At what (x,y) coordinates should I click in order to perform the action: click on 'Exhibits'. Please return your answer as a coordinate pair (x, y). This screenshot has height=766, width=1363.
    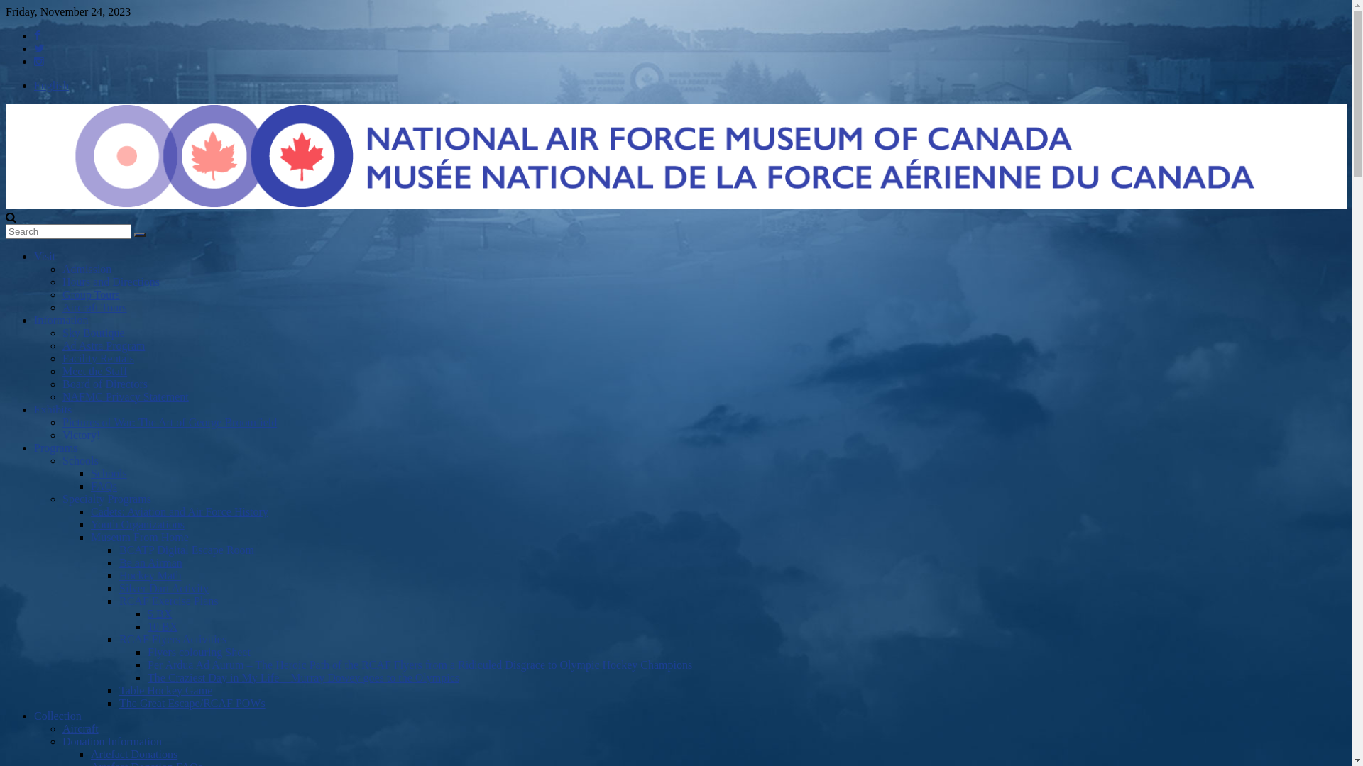
    Looking at the image, I should click on (53, 409).